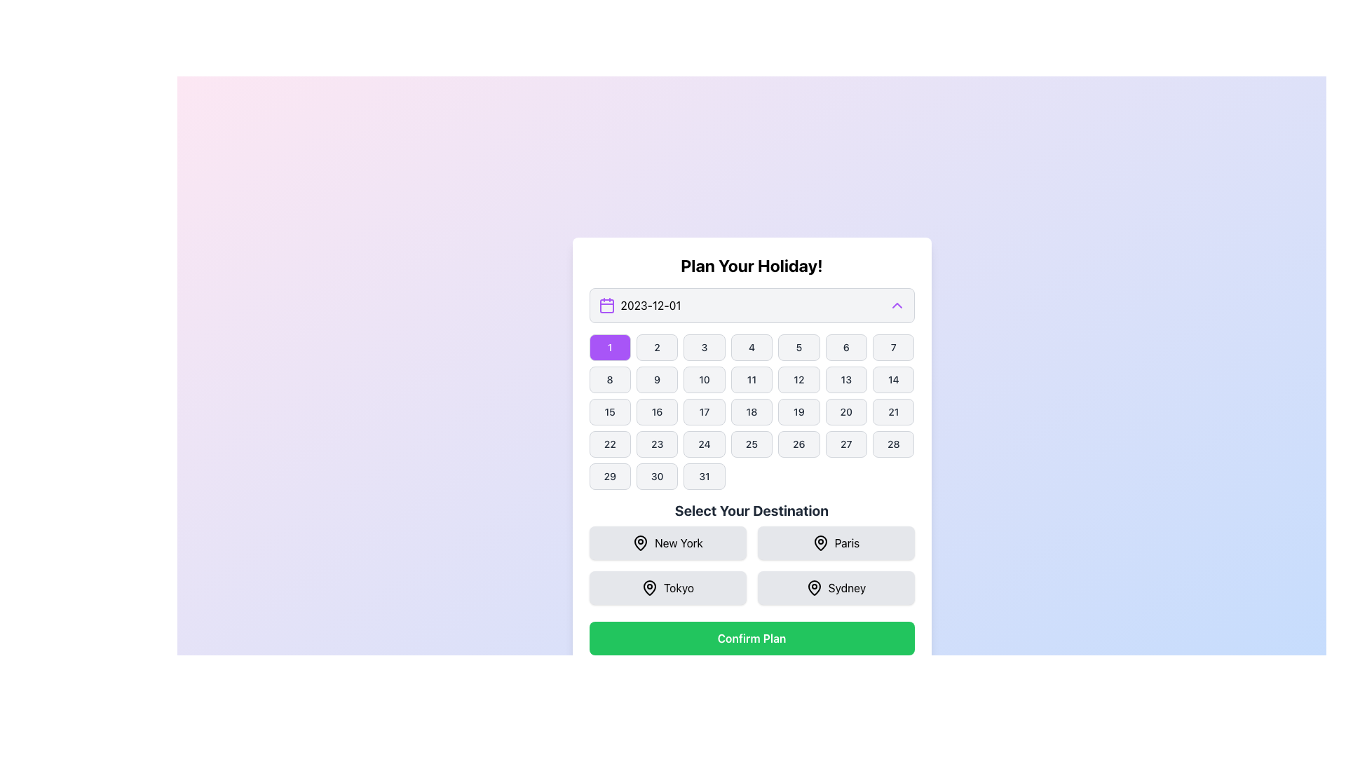 Image resolution: width=1346 pixels, height=757 pixels. I want to click on the third button in the first row of the date picker calendar, so click(705, 347).